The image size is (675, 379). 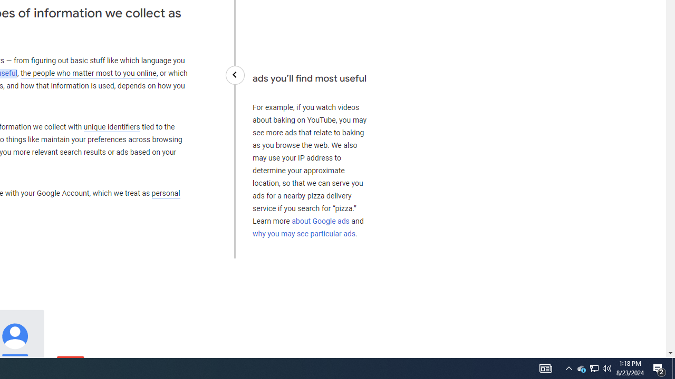 I want to click on 'why you may see particular ads', so click(x=303, y=233).